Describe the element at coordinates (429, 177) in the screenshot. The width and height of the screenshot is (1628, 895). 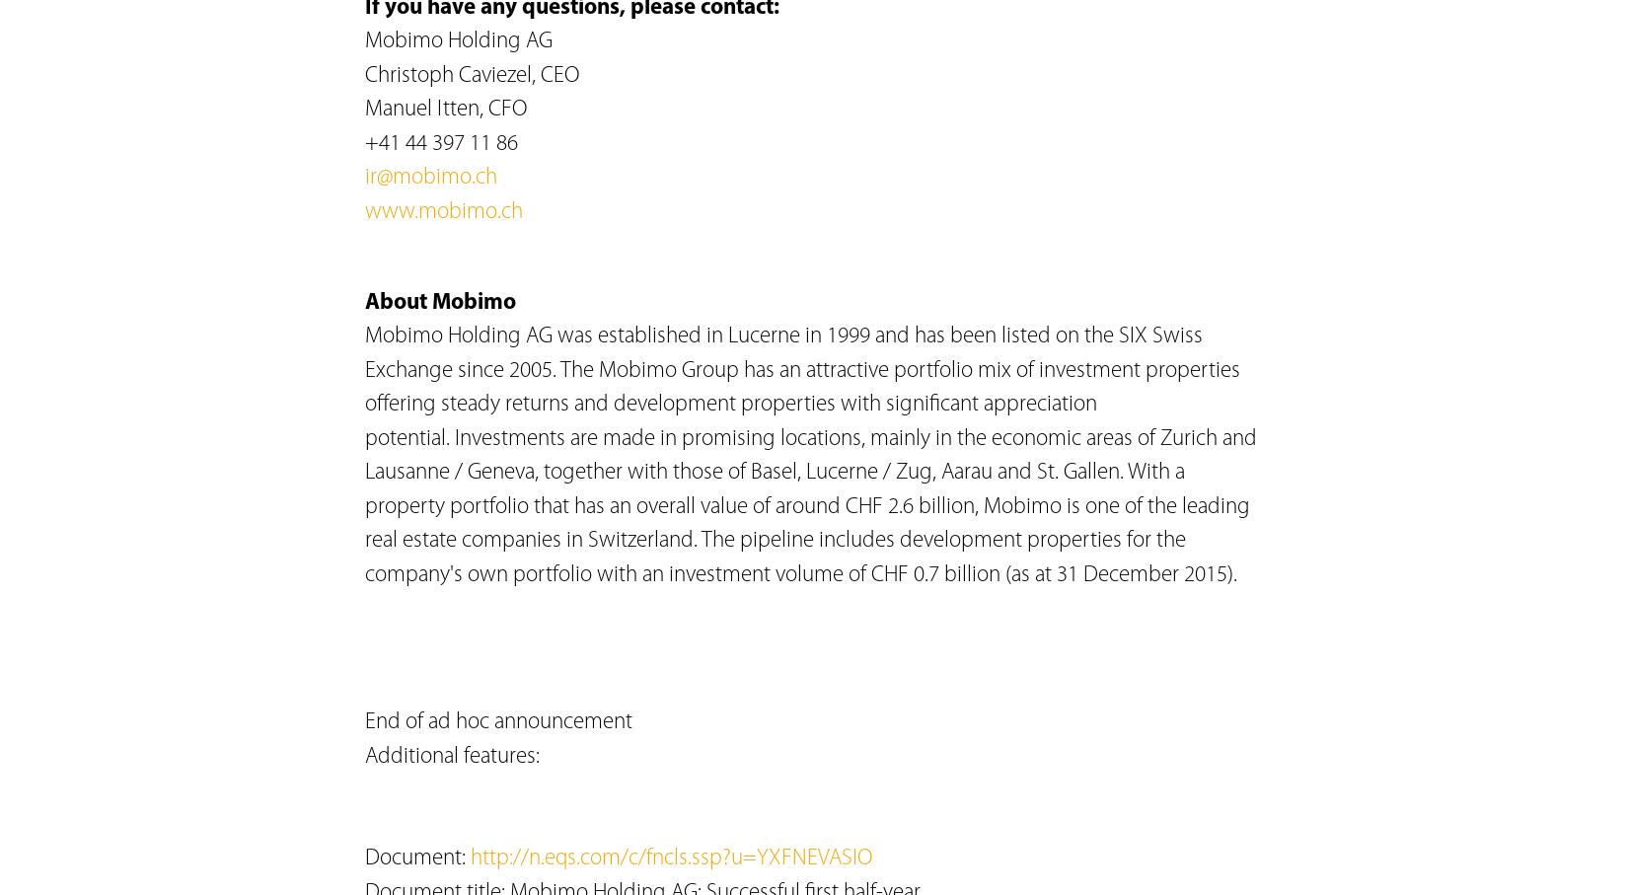
I see `'ir@mobimo.ch'` at that location.